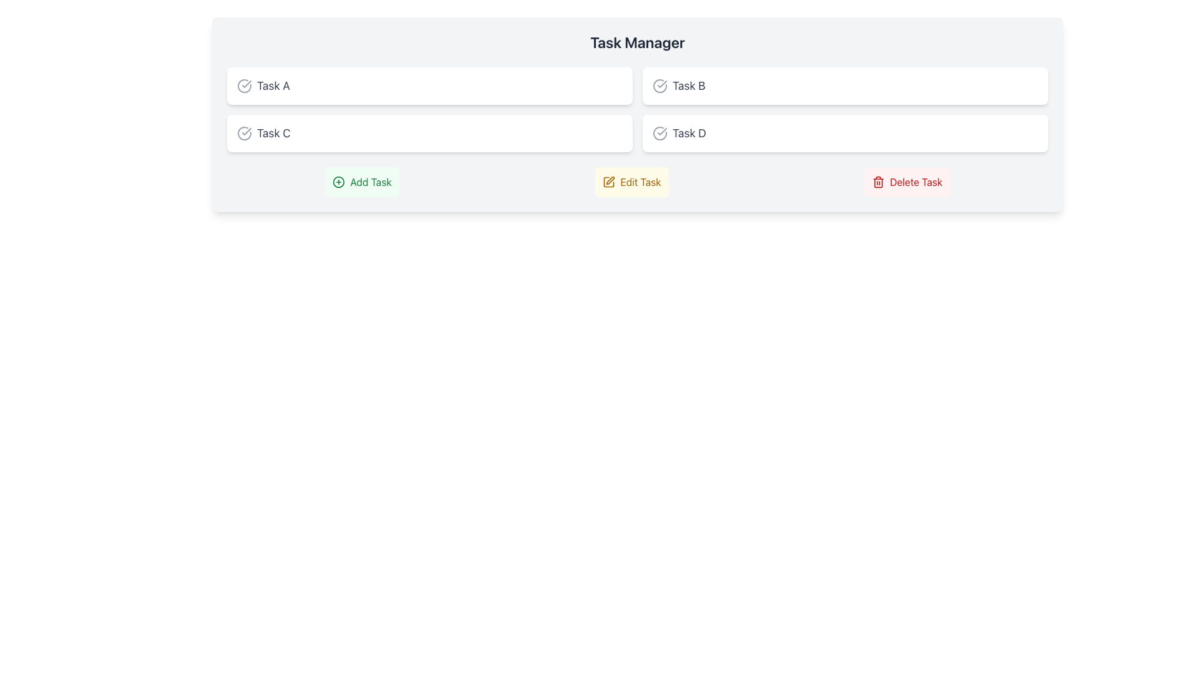  What do you see at coordinates (339, 182) in the screenshot?
I see `the 'Add Task' button icon located to the left of the text, which serves as a visual indicator for adding a task` at bounding box center [339, 182].